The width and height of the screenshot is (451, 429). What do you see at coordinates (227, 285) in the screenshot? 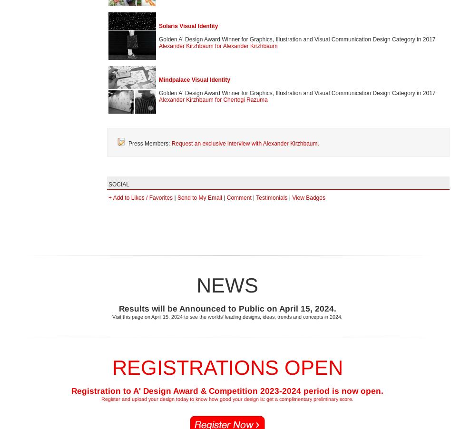
I see `'NEWS'` at bounding box center [227, 285].